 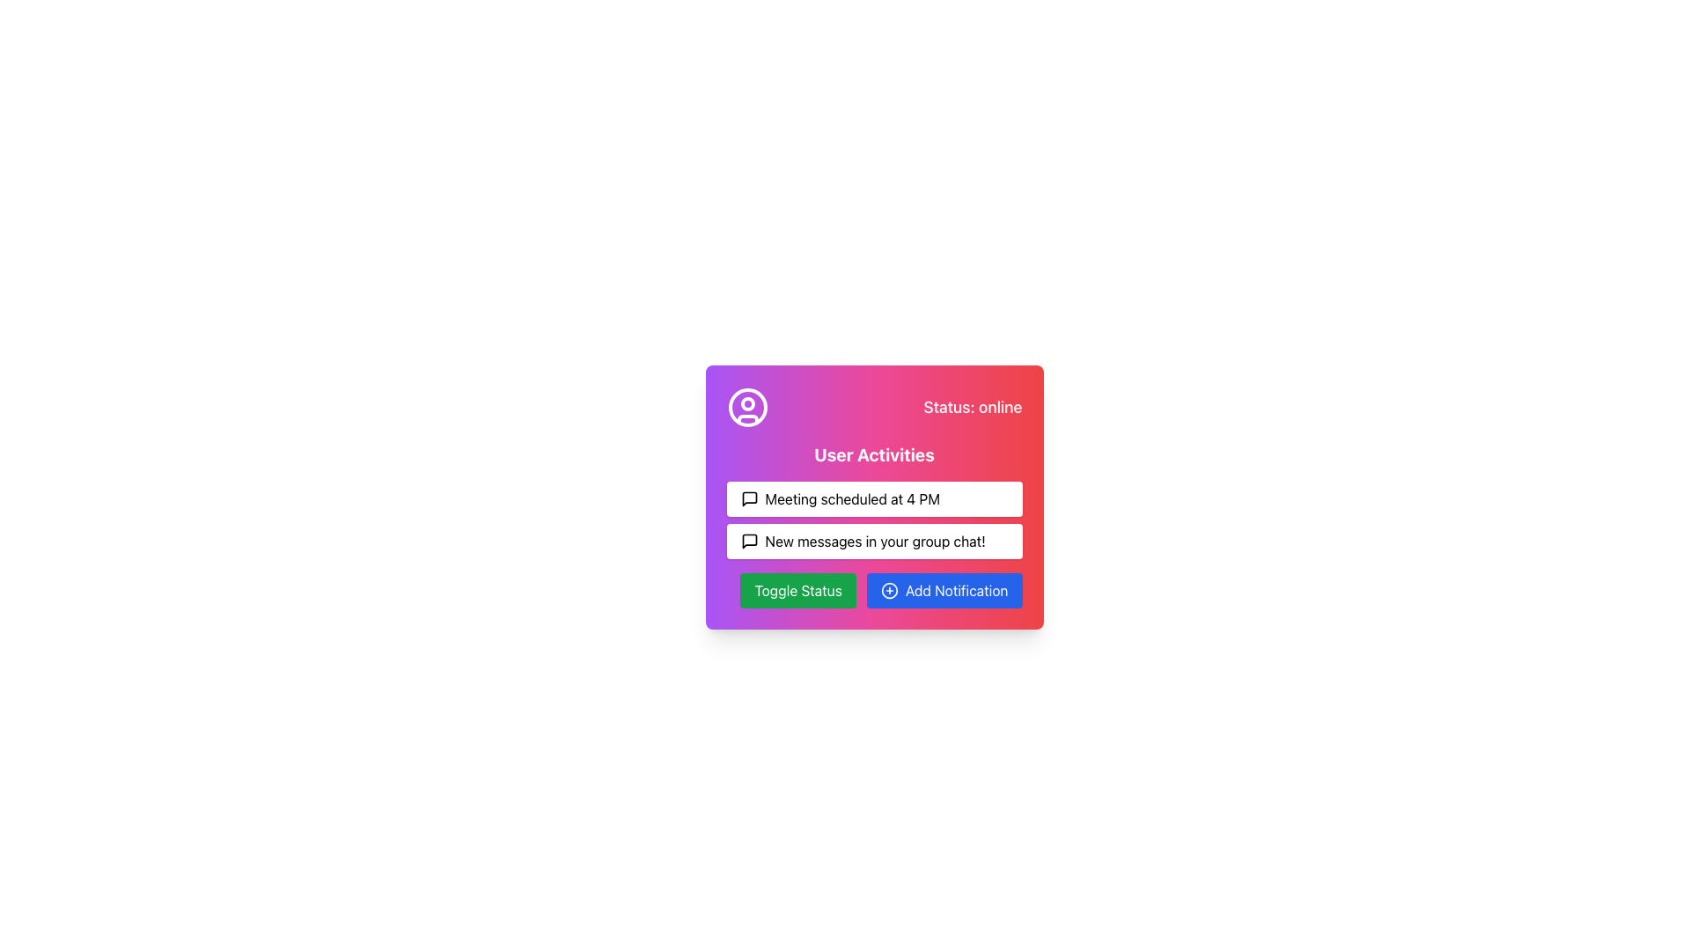 I want to click on the first button on the left in the horizontally structured group of controls at the bottom of the card component, so click(x=797, y=591).